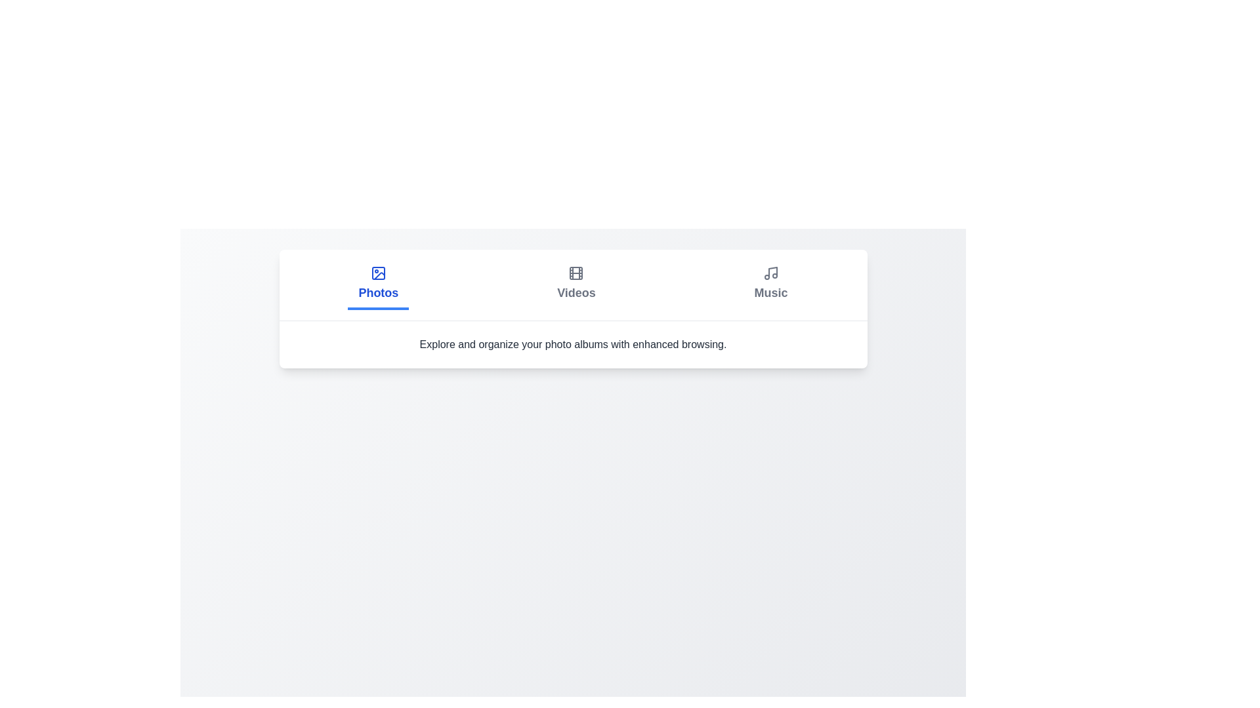 The image size is (1260, 708). What do you see at coordinates (771, 285) in the screenshot?
I see `the Music tab by clicking on it` at bounding box center [771, 285].